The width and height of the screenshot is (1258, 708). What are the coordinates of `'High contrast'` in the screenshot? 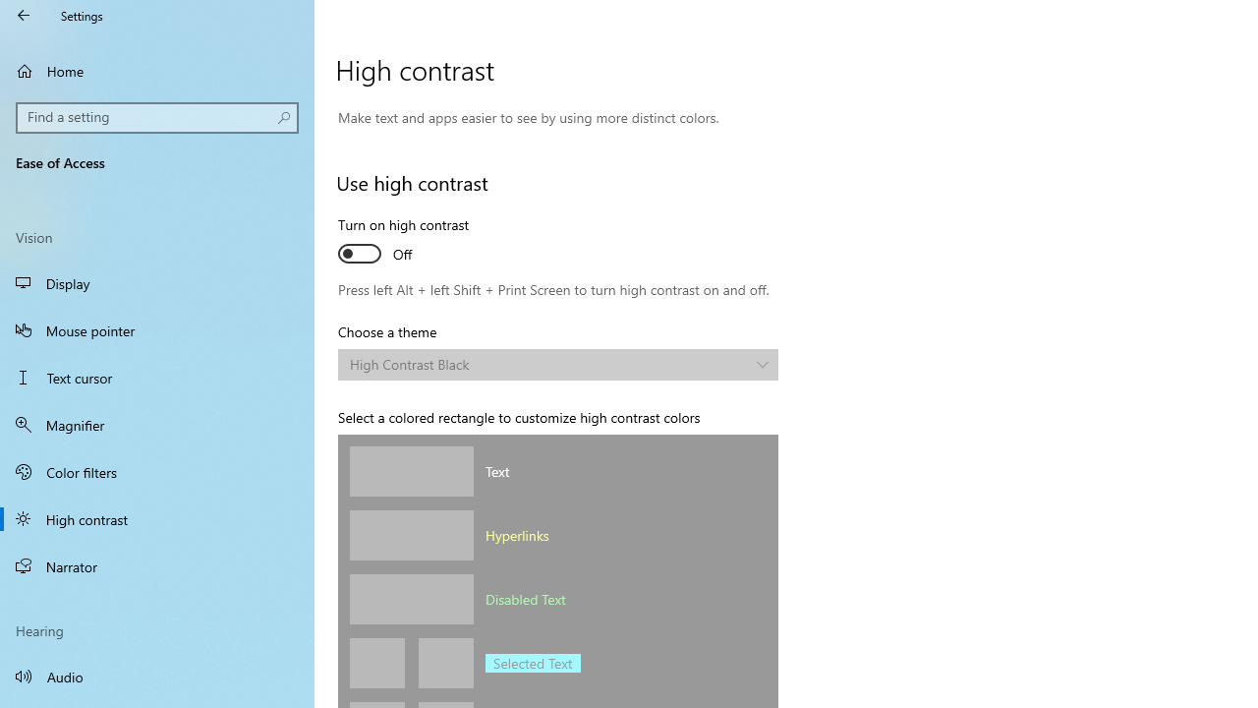 It's located at (157, 518).